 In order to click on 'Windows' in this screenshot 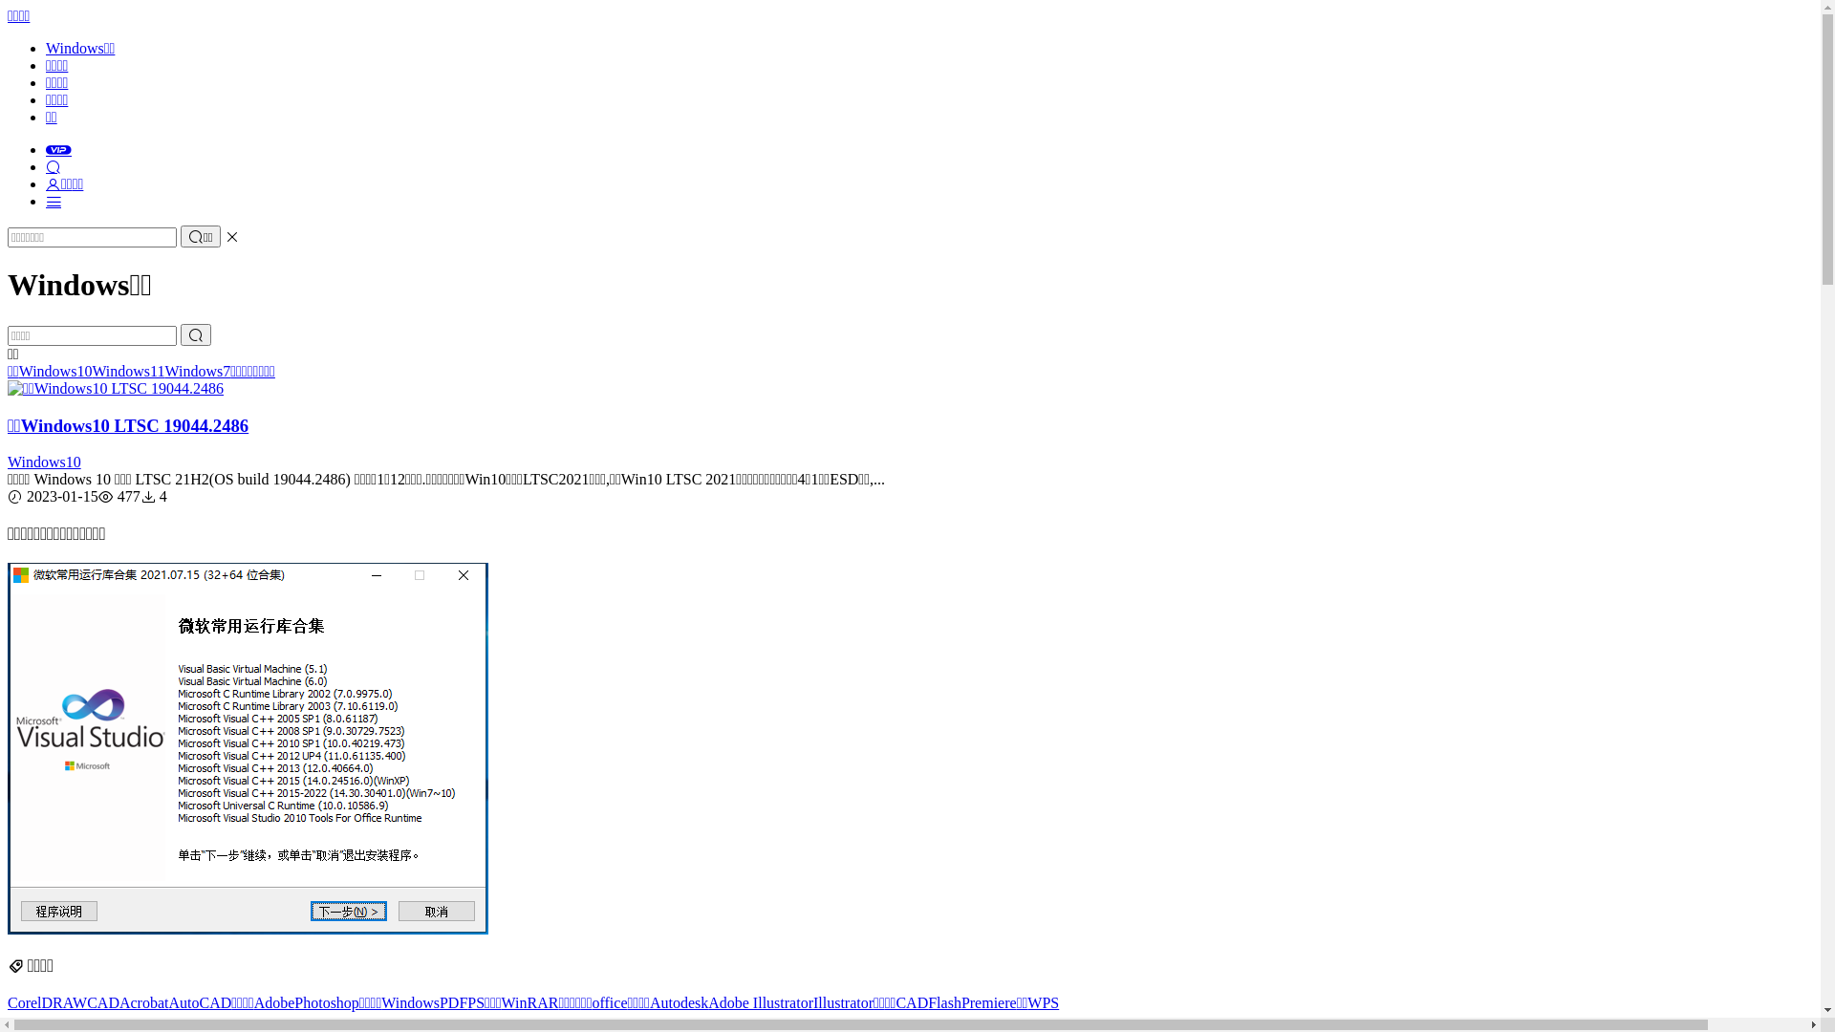, I will do `click(409, 1001)`.